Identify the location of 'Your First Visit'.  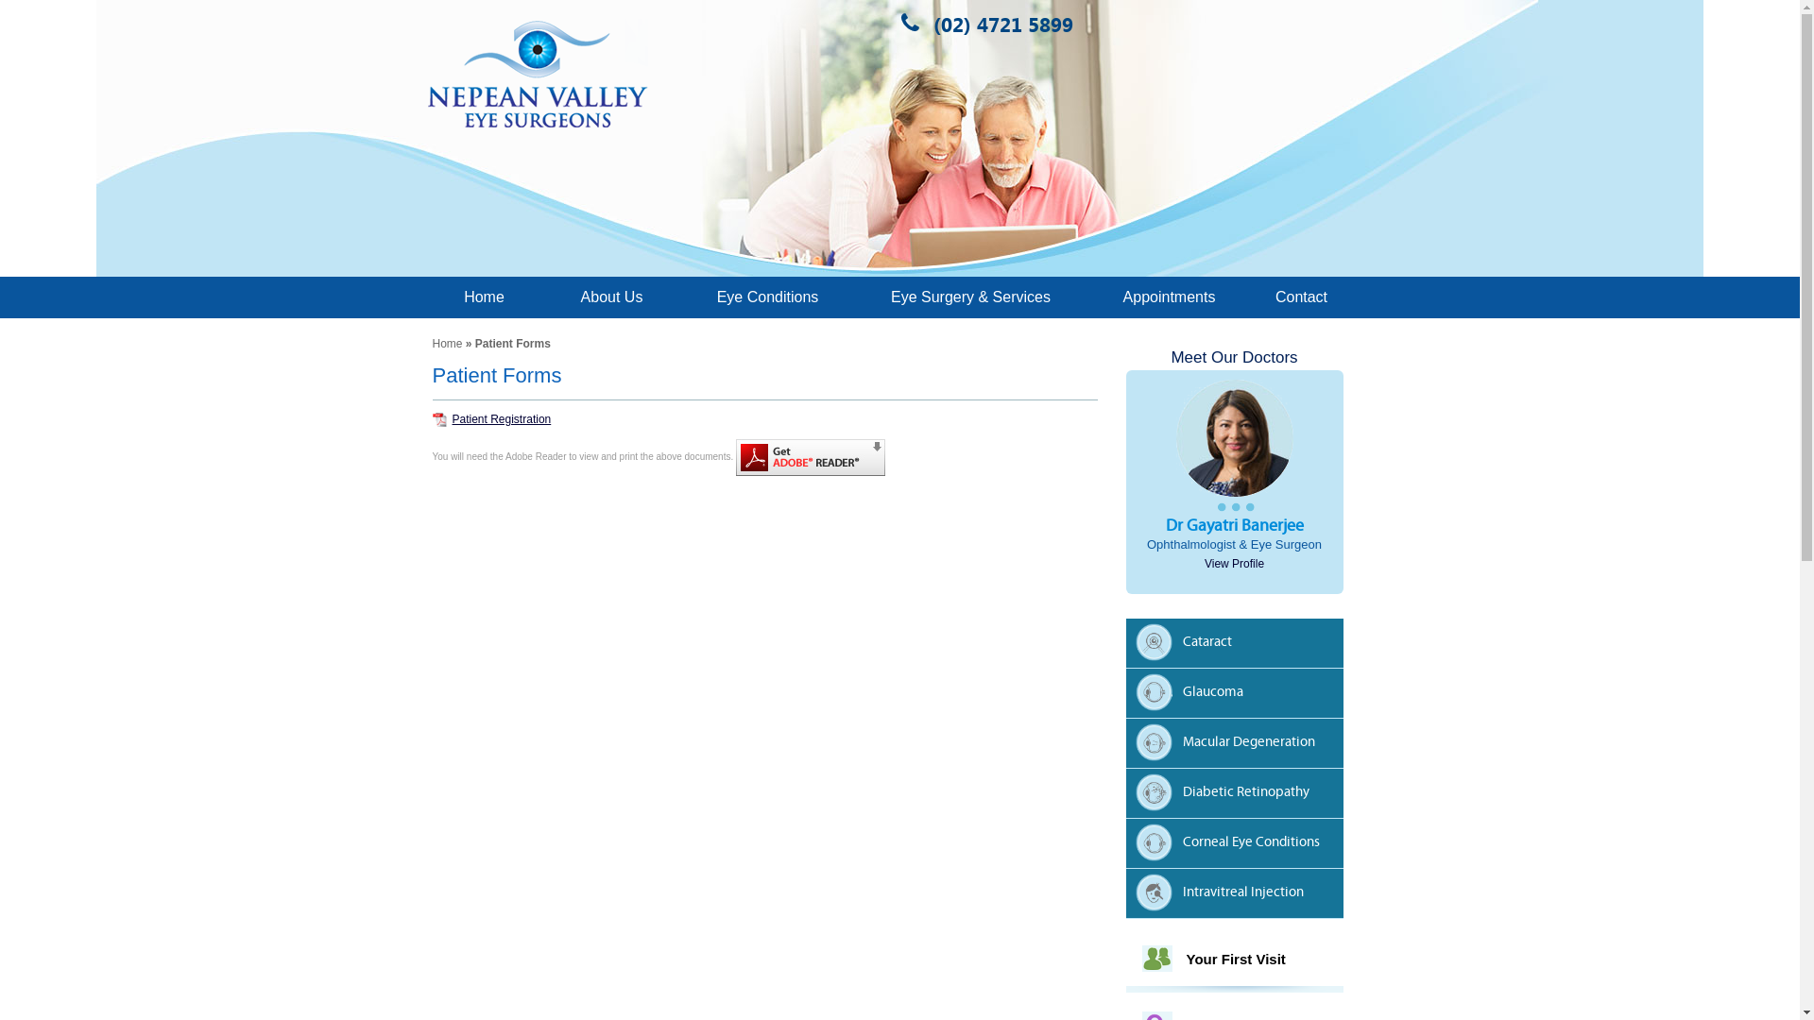
(1236, 959).